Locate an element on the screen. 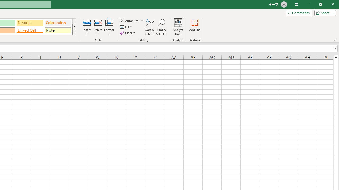 This screenshot has height=190, width=339. 'Restore Down' is located at coordinates (320, 4).